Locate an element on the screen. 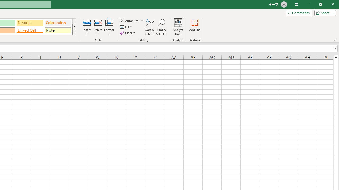 This screenshot has height=190, width=339. 'Restore Down' is located at coordinates (320, 4).